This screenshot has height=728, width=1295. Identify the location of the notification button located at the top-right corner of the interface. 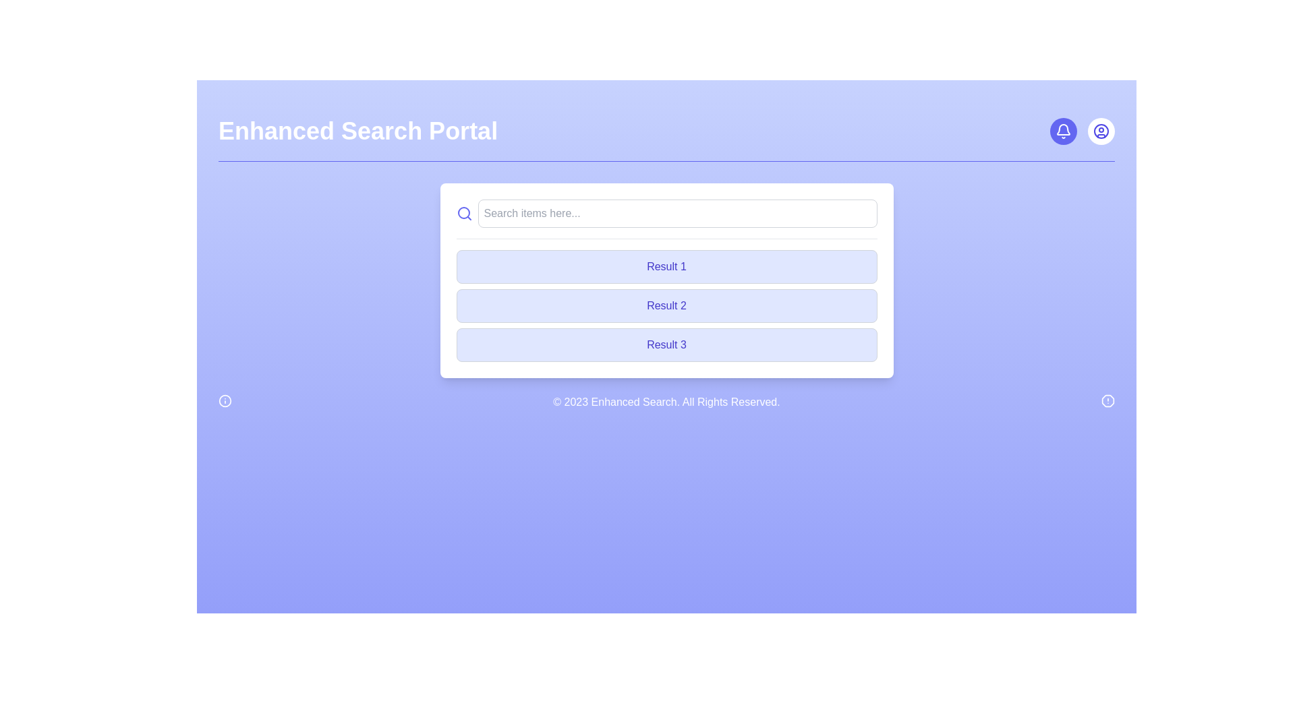
(1063, 131).